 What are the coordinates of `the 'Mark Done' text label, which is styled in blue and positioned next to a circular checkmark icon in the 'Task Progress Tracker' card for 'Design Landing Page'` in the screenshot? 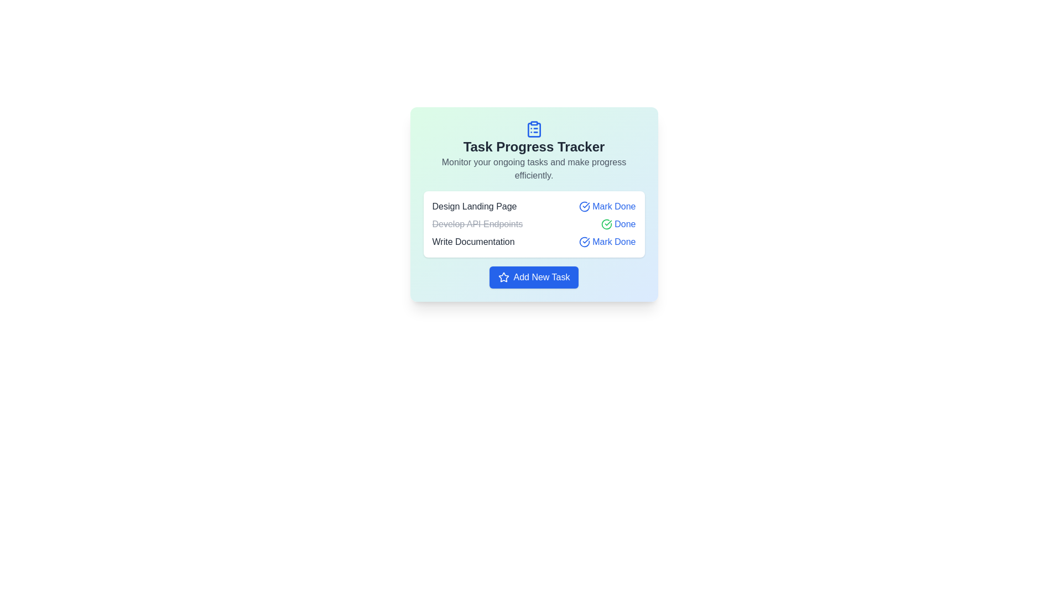 It's located at (613, 207).